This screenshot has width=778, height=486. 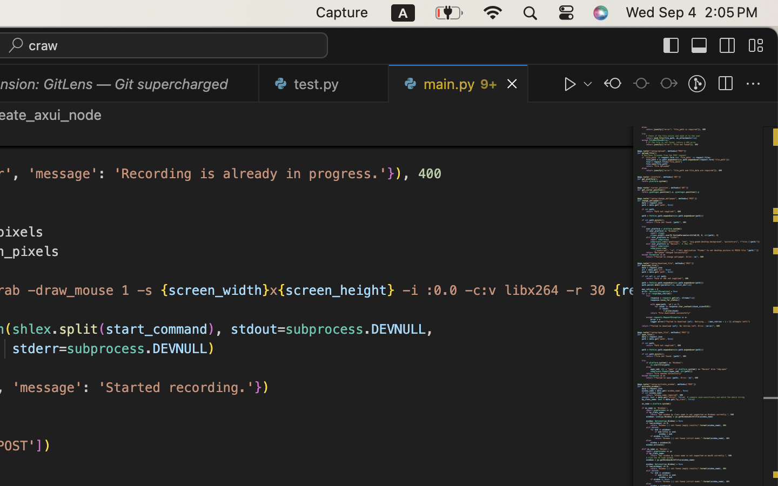 What do you see at coordinates (696, 84) in the screenshot?
I see `''` at bounding box center [696, 84].